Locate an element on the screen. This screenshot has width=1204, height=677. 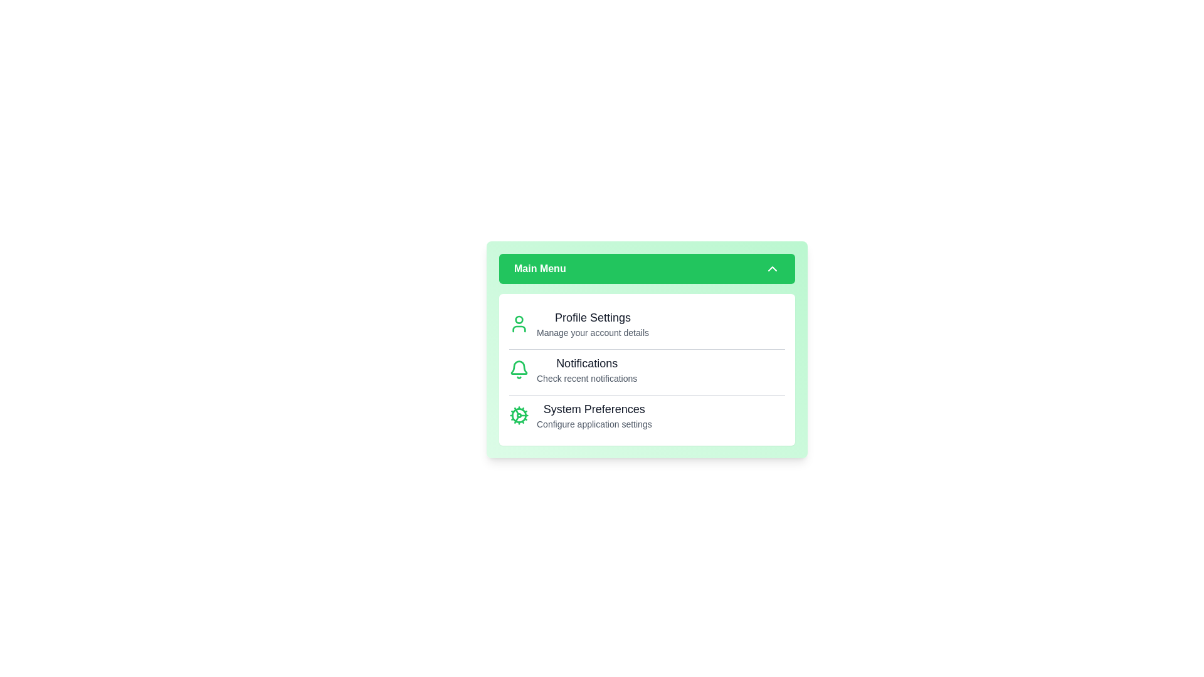
the descriptive text under the menu item System Preferences is located at coordinates (593, 424).